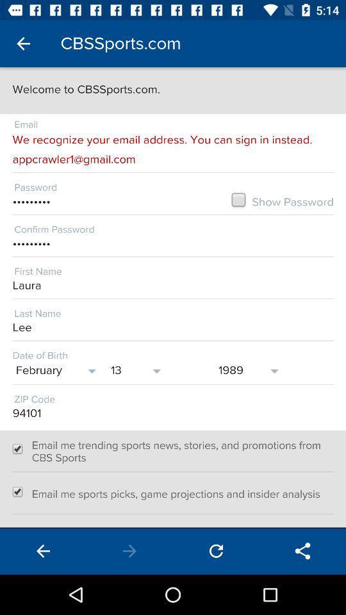  Describe the element at coordinates (302, 550) in the screenshot. I see `the share icon` at that location.